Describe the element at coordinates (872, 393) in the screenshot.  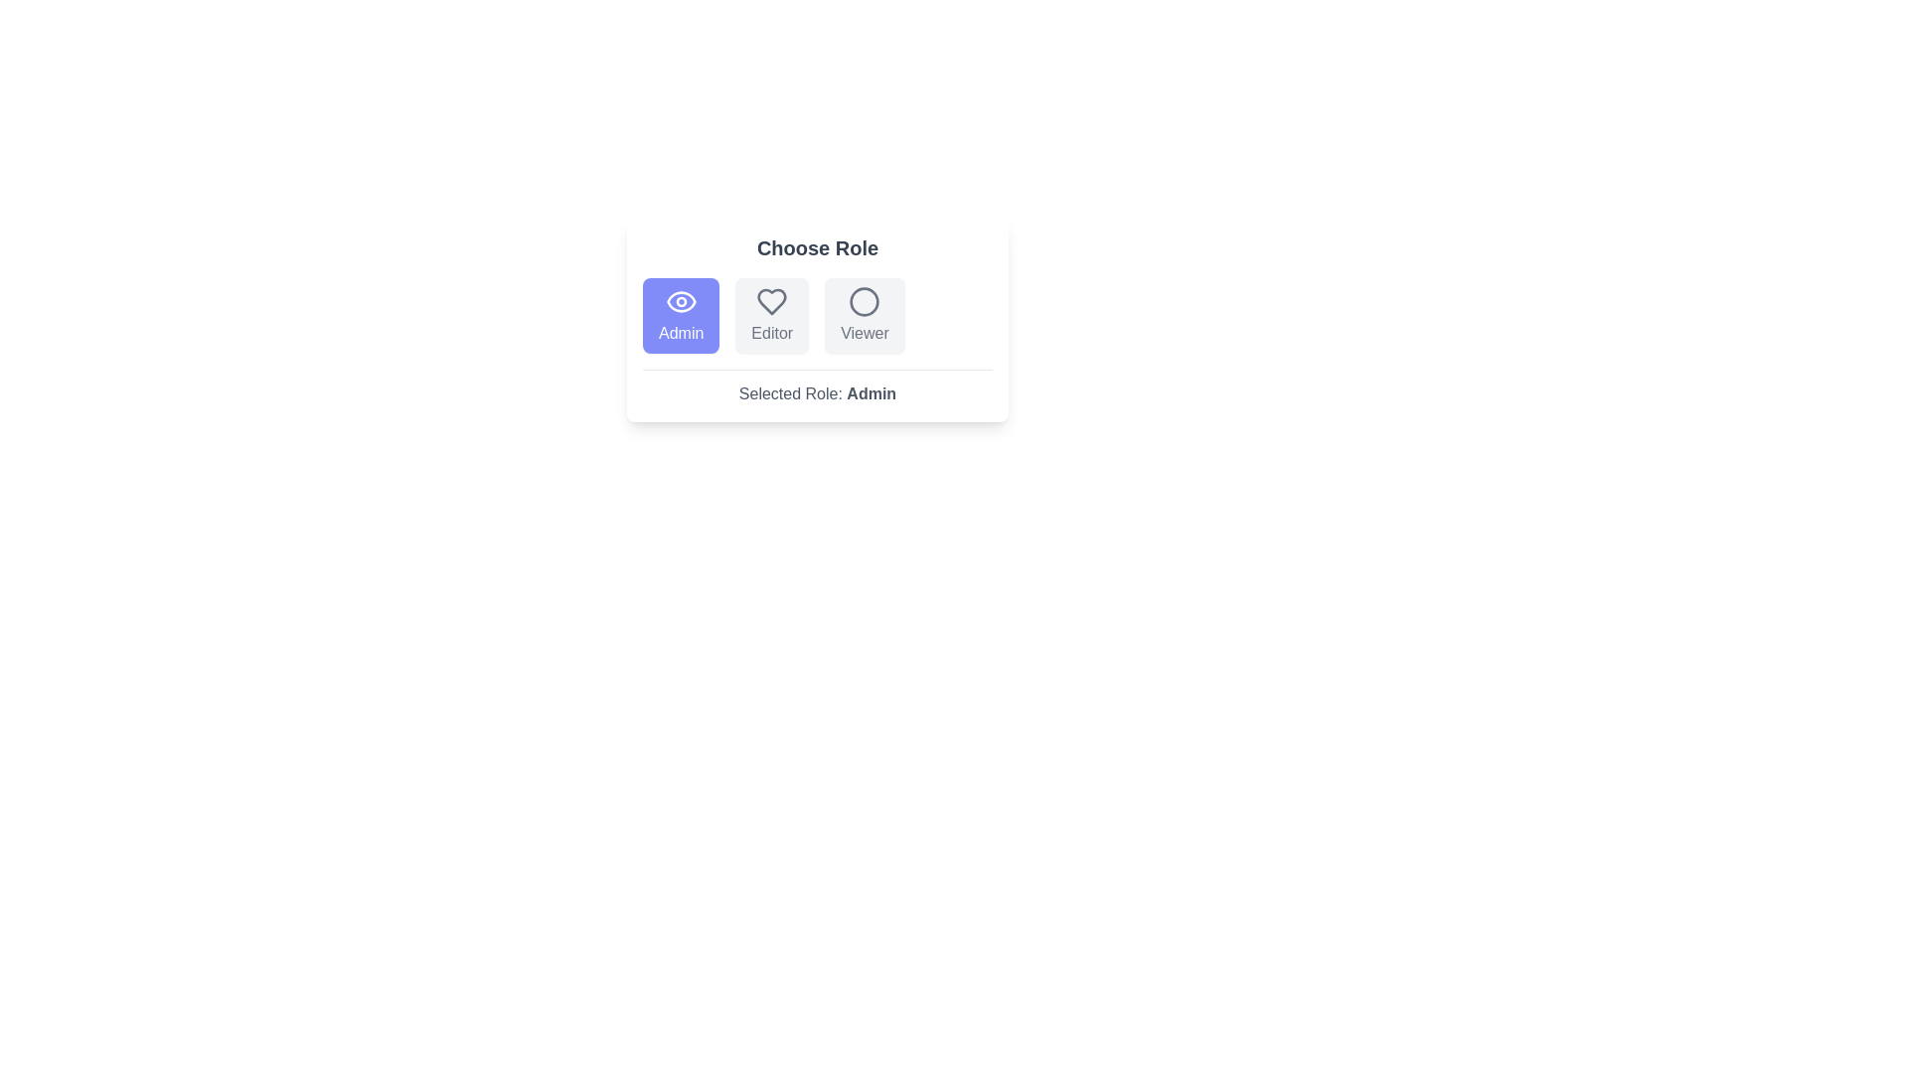
I see `the emphasized text label 'Admin' within the phrase 'Selected Role: Admin', located below the role selection options` at that location.